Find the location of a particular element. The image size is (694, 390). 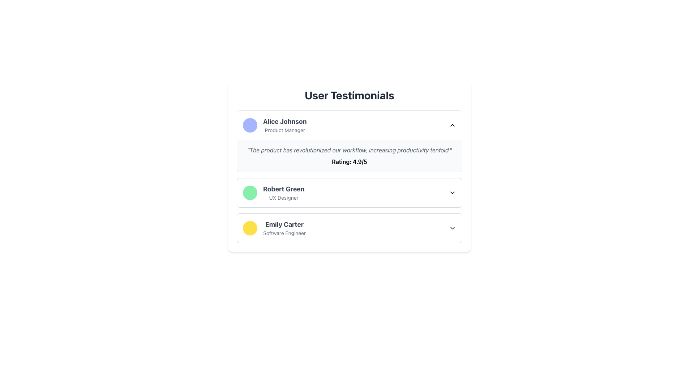

displayed text of the Multi-line text label that identifies the individual, positioned within the top testimonial card, to the right of the indigo circular icon is located at coordinates (284, 125).